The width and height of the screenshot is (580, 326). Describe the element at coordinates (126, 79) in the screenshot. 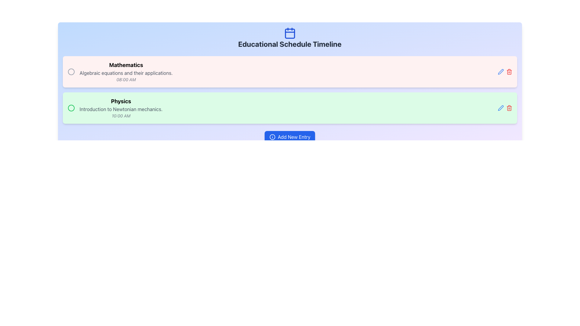

I see `the italicized text label displaying '08:00 AM' in light gray, located beneath the description 'Algebraic equations and their applications' in the Mathematics schedule interface` at that location.